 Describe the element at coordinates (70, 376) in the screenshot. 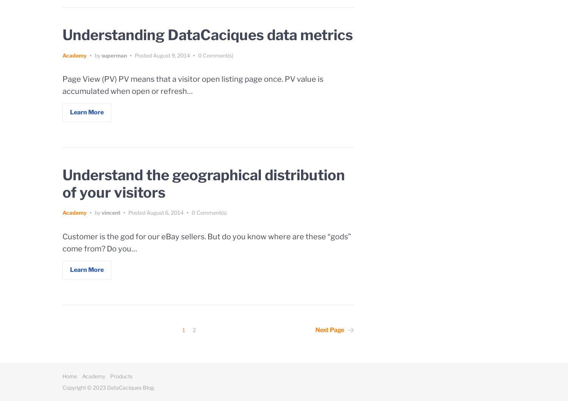

I see `'Home'` at that location.